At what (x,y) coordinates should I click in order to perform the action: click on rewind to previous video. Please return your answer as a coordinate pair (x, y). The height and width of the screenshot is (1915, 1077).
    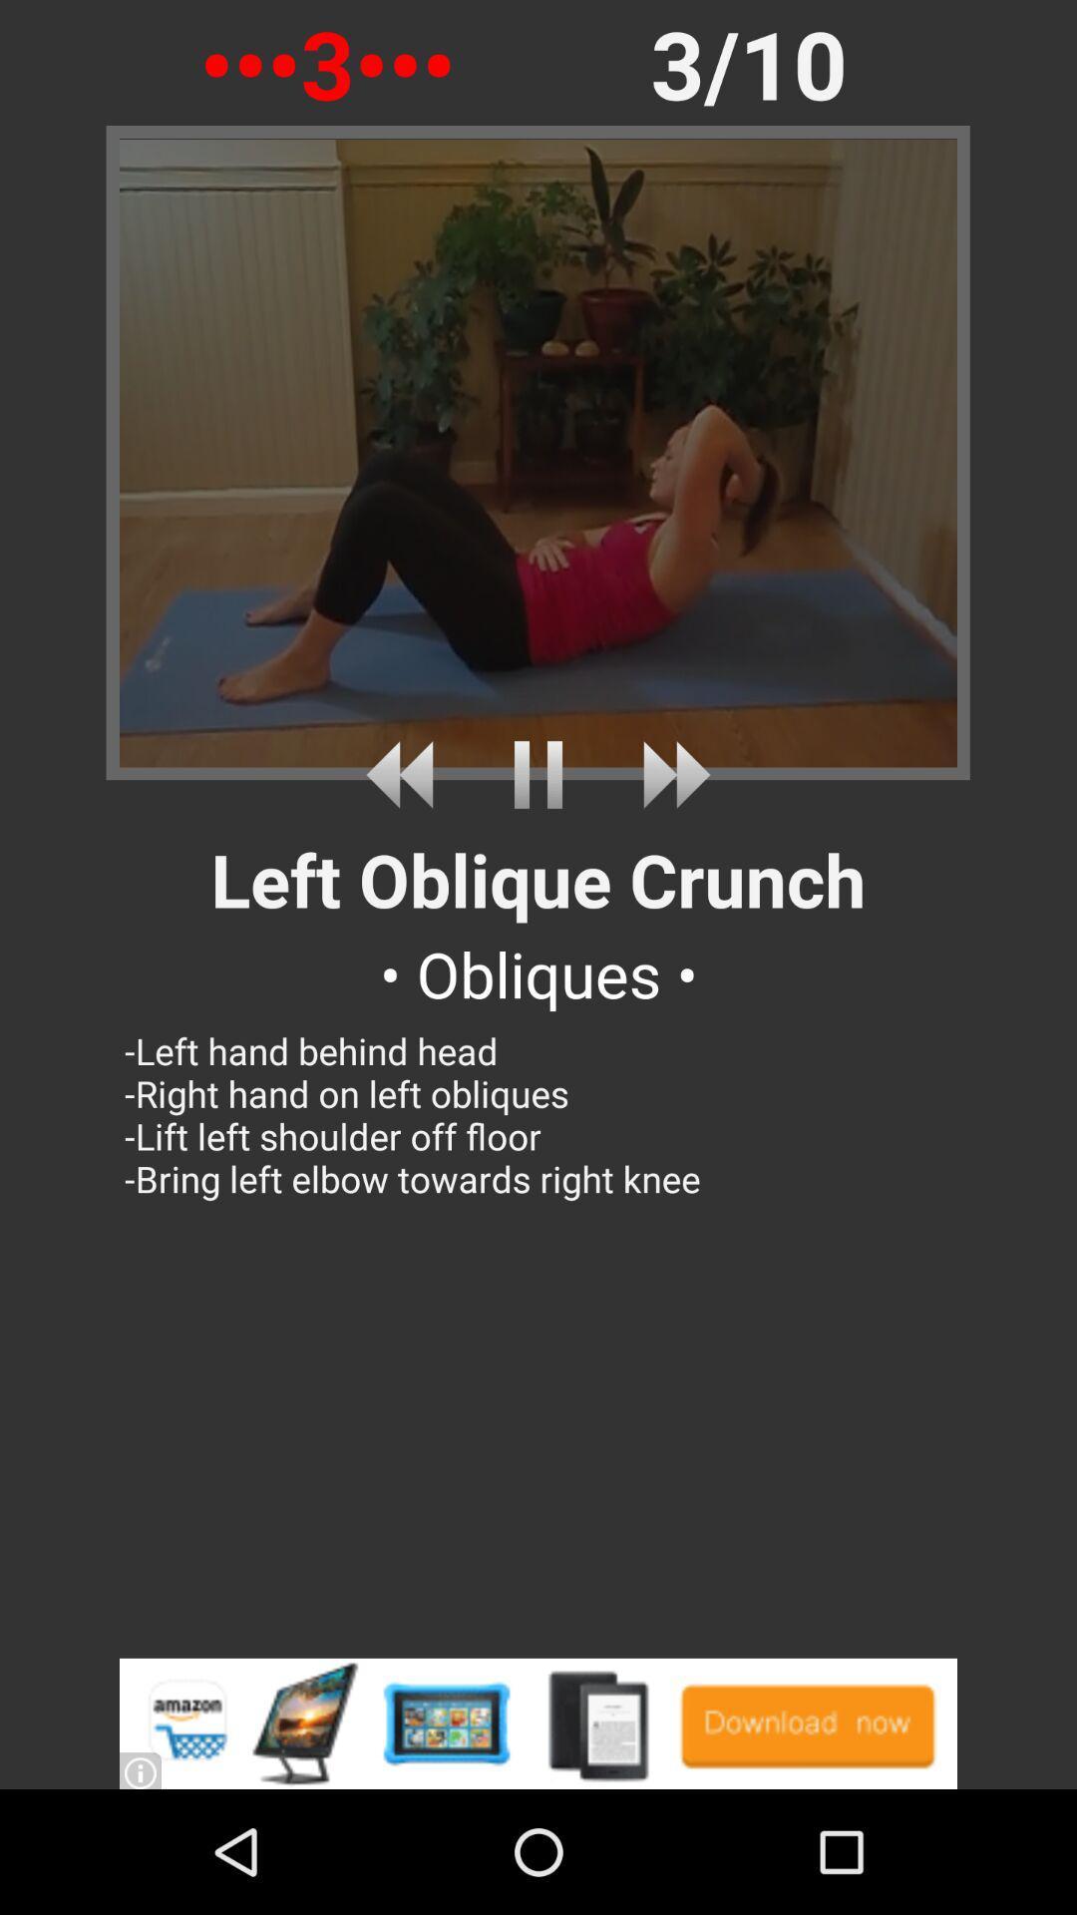
    Looking at the image, I should click on (406, 774).